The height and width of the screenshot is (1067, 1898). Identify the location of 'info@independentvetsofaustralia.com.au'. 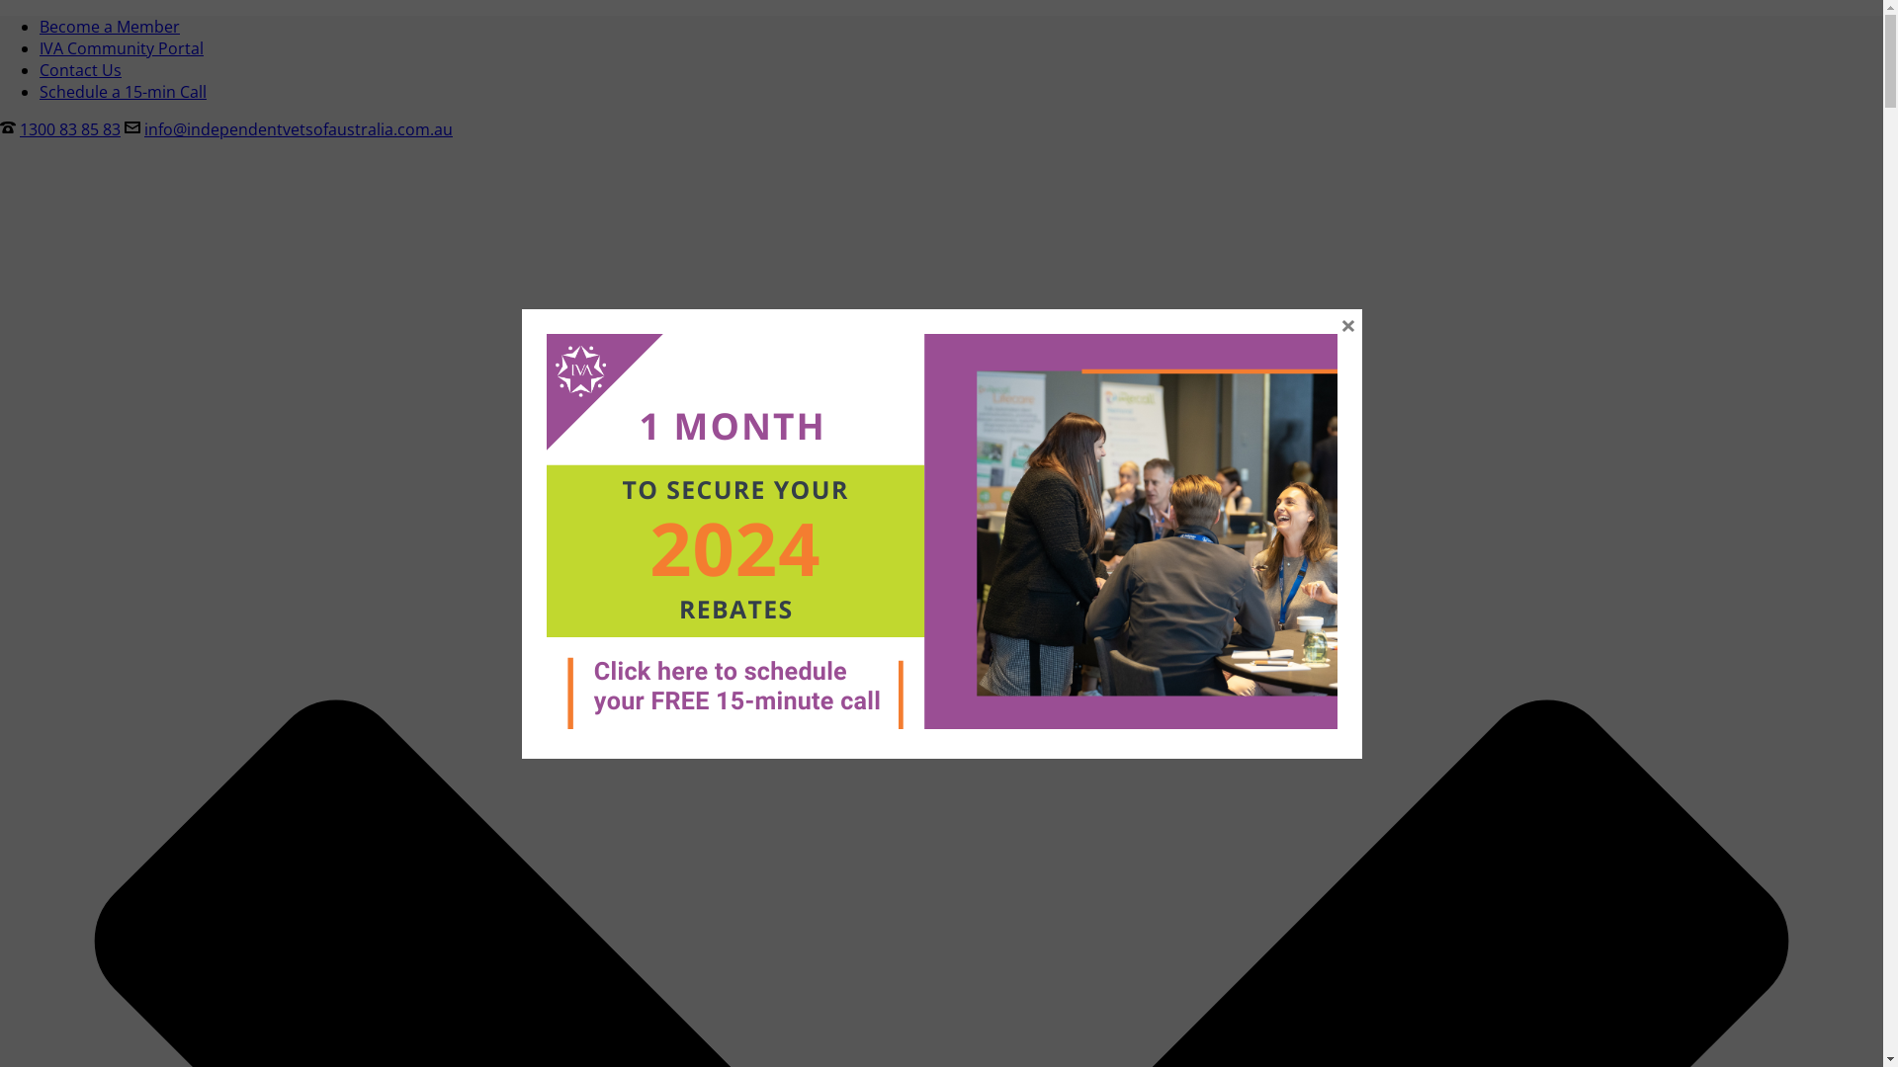
(298, 129).